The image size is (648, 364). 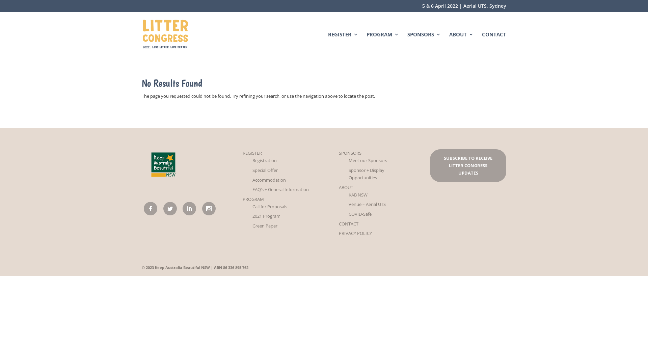 What do you see at coordinates (264, 160) in the screenshot?
I see `'Registration'` at bounding box center [264, 160].